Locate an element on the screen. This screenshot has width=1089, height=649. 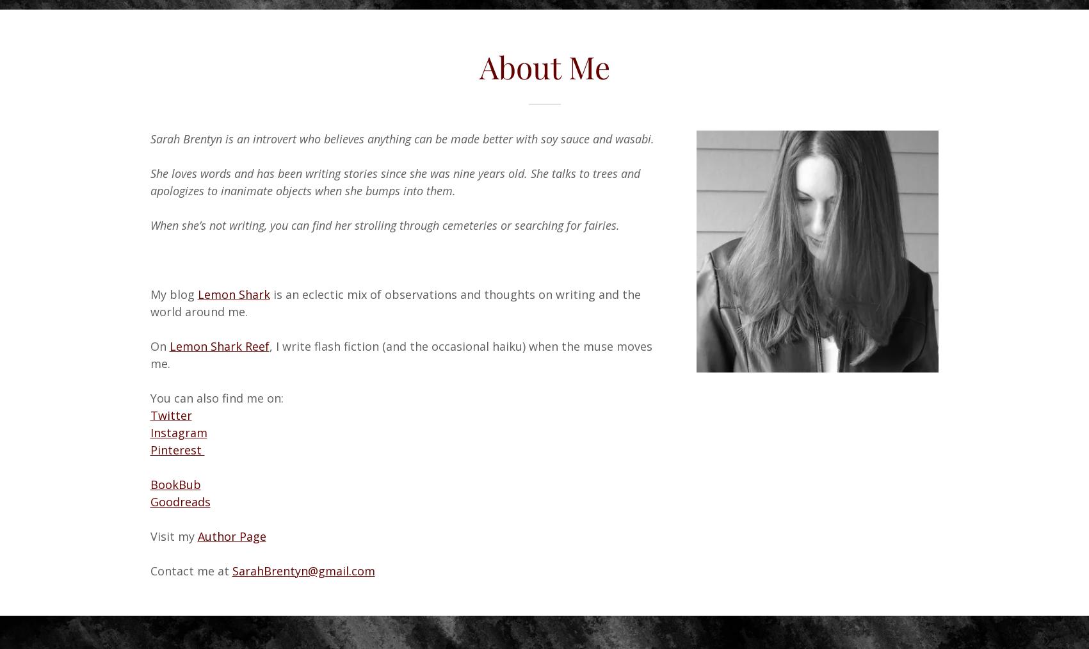
'Visit my' is located at coordinates (173, 535).